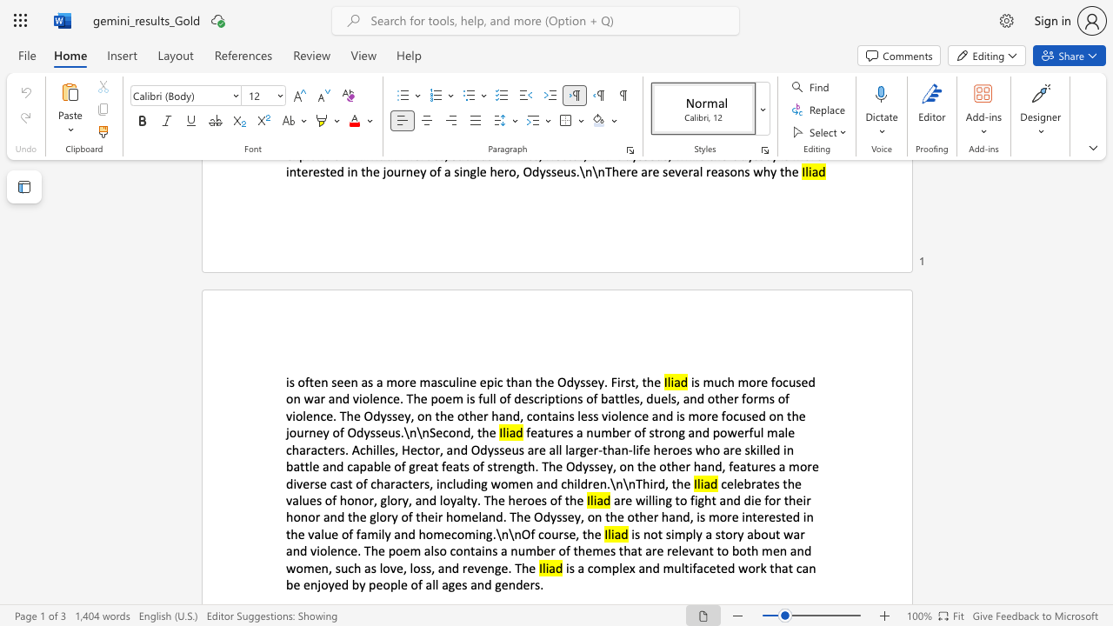  Describe the element at coordinates (566, 568) in the screenshot. I see `the subset text "is a complex and multifaceted work that can be enjoyed by people" within the text "is a complex and multifaceted work that can be enjoyed by people of all ages and genders."` at that location.